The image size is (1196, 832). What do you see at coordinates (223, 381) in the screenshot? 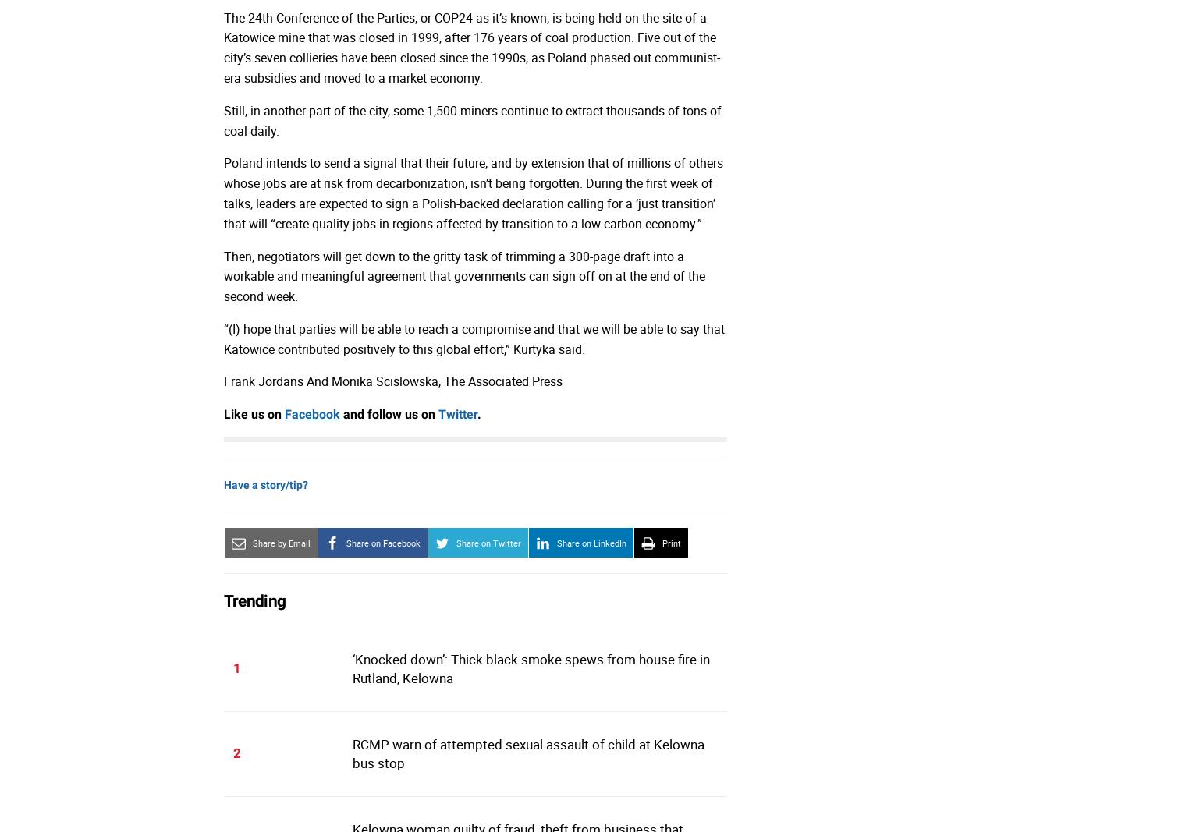
I see `'Frank Jordans And Monika Scislowska, The Associated Press'` at bounding box center [223, 381].